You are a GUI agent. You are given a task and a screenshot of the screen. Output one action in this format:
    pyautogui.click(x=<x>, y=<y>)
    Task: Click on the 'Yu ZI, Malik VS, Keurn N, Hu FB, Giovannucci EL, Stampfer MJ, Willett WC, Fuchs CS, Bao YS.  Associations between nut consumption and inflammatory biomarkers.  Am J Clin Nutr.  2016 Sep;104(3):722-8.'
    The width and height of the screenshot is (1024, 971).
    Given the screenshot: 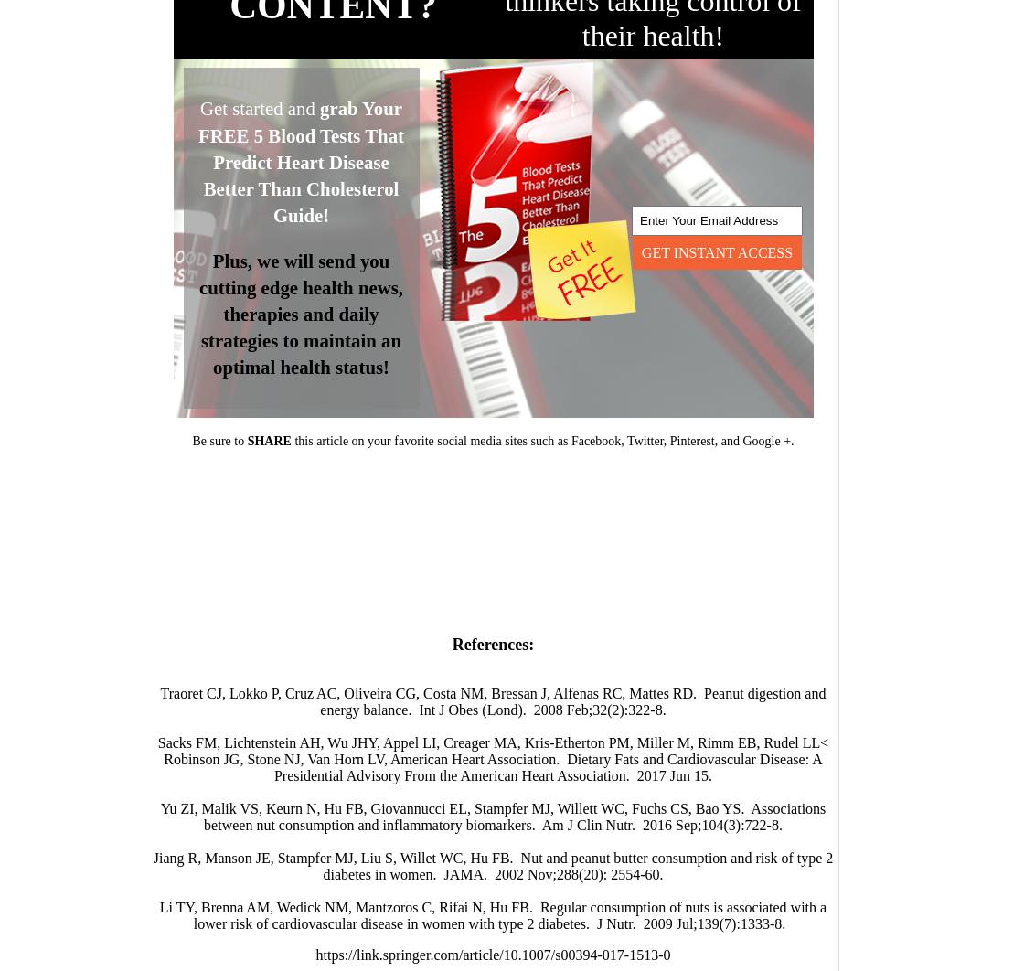 What is the action you would take?
    pyautogui.click(x=493, y=816)
    